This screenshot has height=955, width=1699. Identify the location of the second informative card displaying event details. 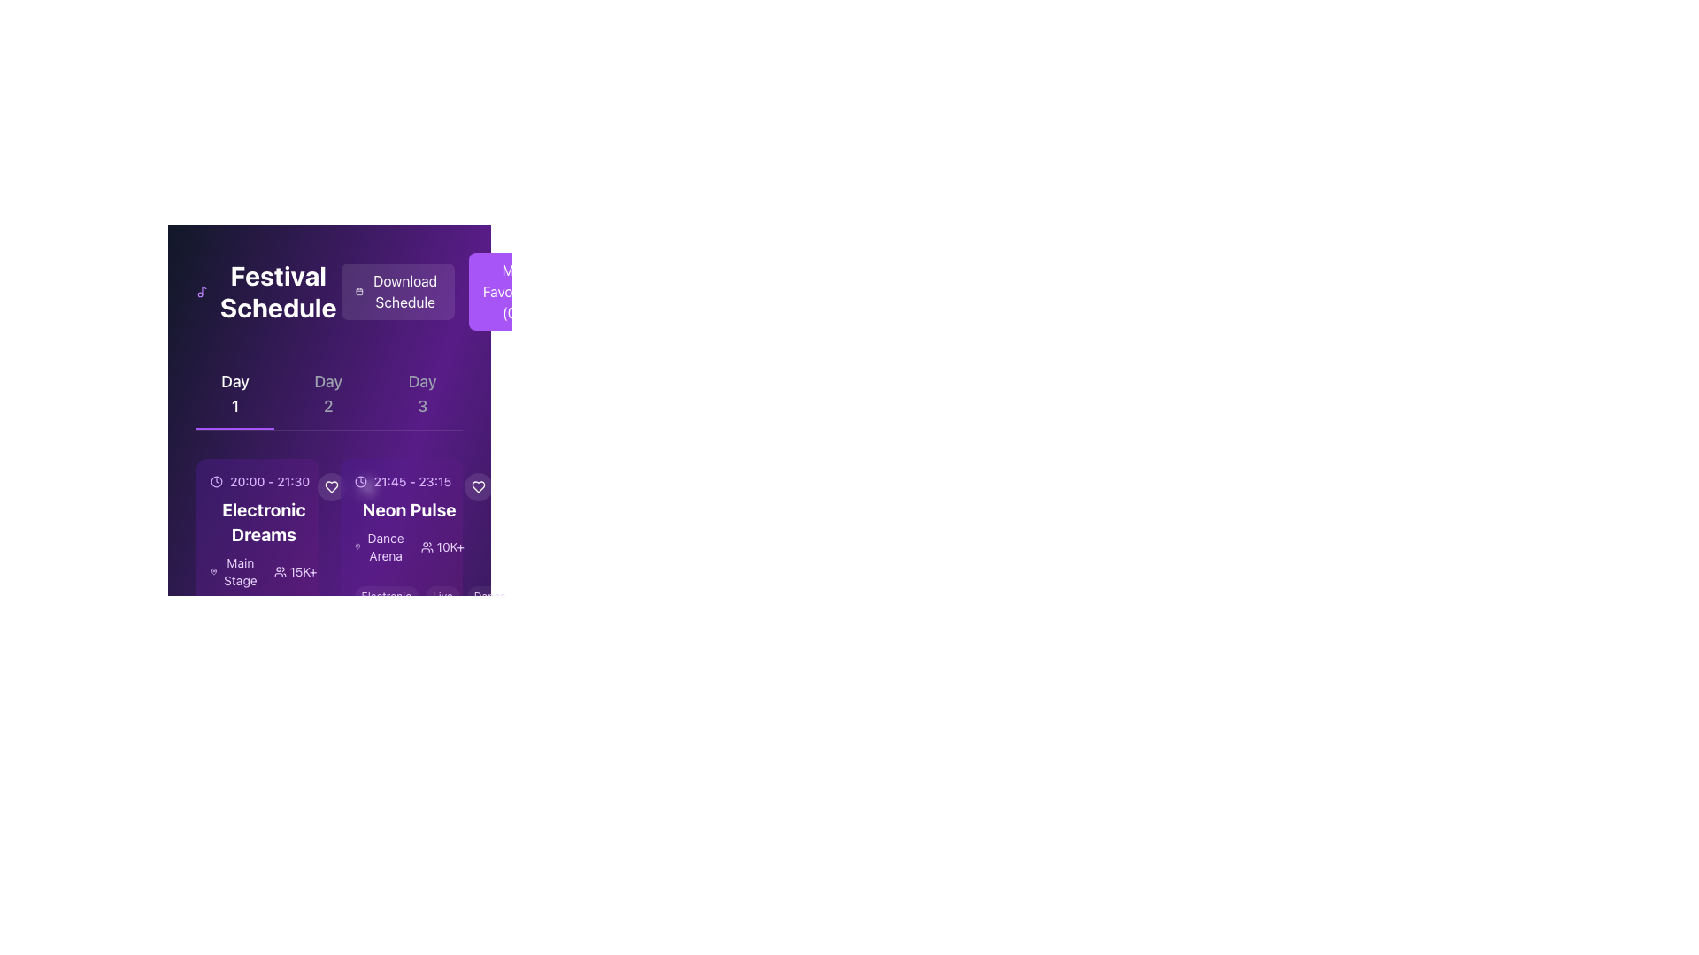
(400, 517).